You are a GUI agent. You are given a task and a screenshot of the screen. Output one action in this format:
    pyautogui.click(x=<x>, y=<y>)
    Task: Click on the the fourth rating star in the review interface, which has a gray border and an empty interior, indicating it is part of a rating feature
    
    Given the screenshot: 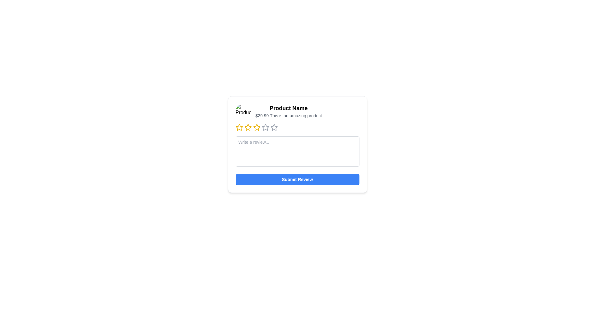 What is the action you would take?
    pyautogui.click(x=265, y=127)
    